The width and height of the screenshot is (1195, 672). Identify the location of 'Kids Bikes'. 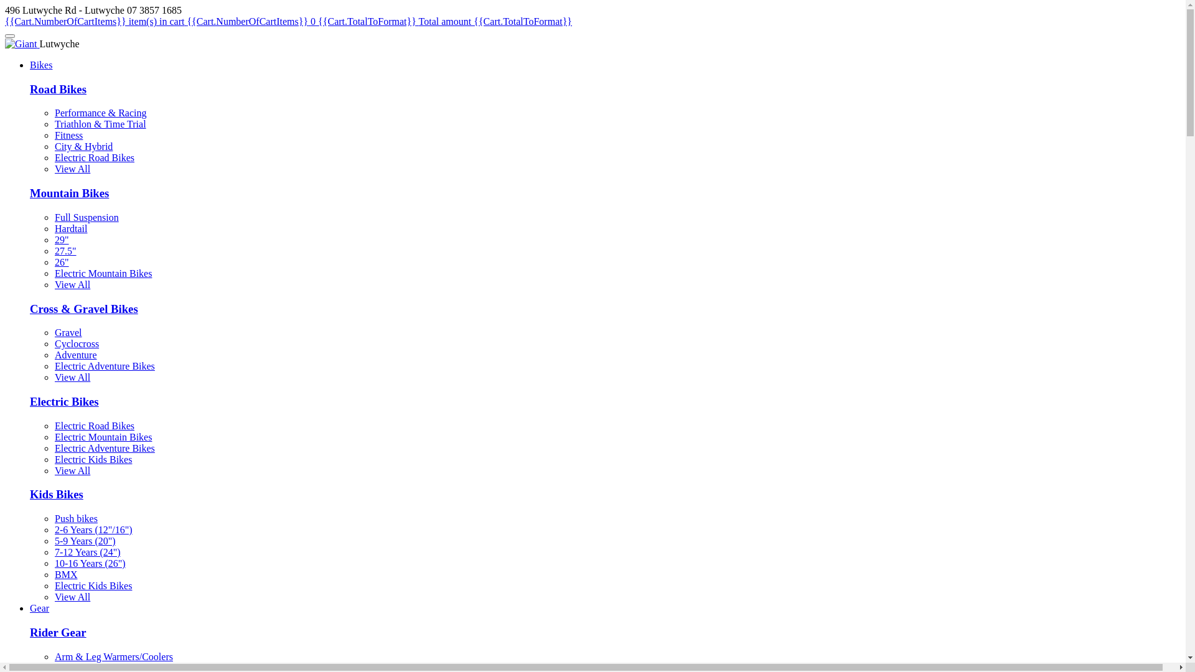
(30, 493).